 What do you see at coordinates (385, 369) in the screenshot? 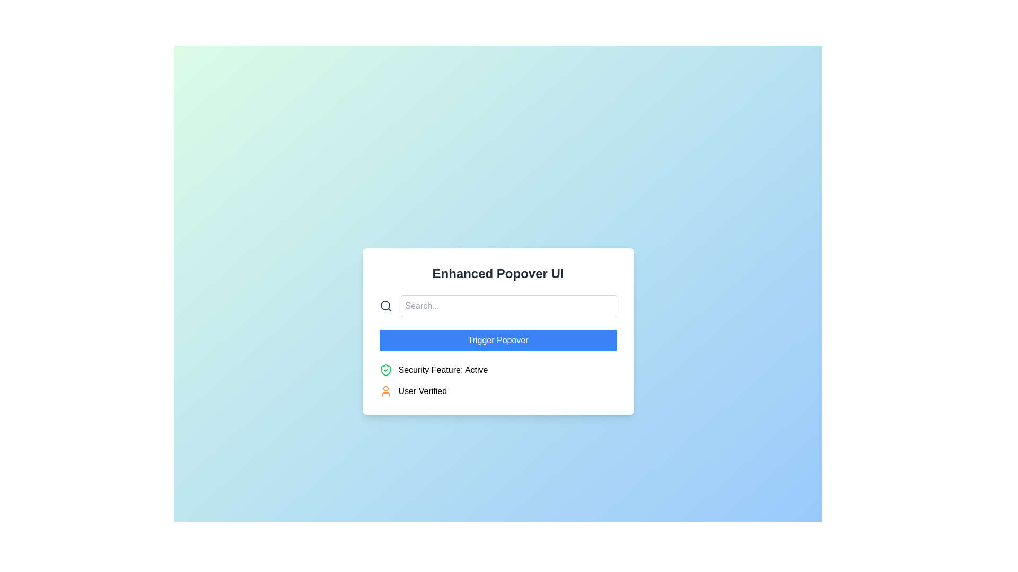
I see `the shield-like icon with a green outline and check mark, indicating 'Security Feature: Active'` at bounding box center [385, 369].